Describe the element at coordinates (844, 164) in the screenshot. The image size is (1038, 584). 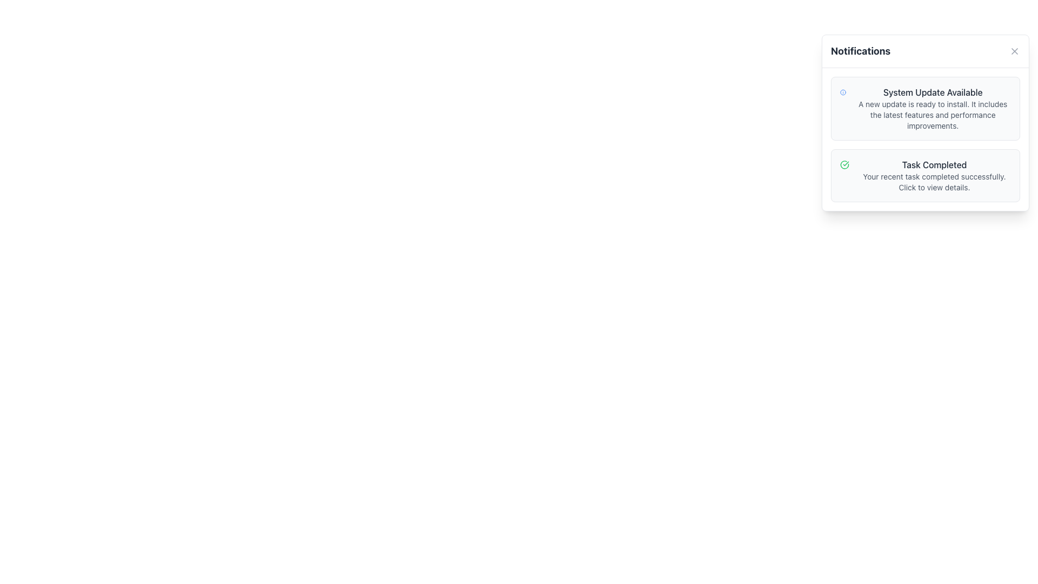
I see `the status represented by the circular green checkmark icon indicating completion, located to the left of the 'Task Completed' title in the notification card` at that location.